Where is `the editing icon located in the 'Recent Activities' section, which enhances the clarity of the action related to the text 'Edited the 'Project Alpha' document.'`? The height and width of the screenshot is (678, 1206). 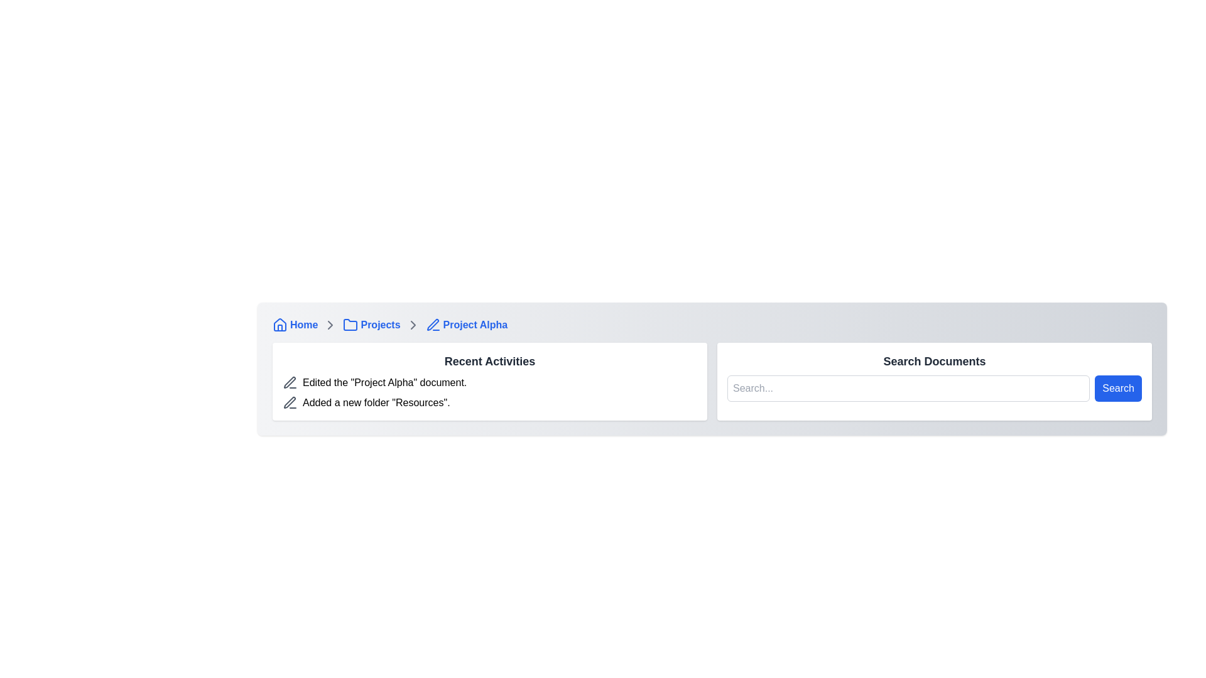 the editing icon located in the 'Recent Activities' section, which enhances the clarity of the action related to the text 'Edited the 'Project Alpha' document.' is located at coordinates (289, 382).